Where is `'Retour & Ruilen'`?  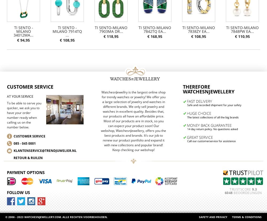
'Retour & Ruilen' is located at coordinates (28, 157).